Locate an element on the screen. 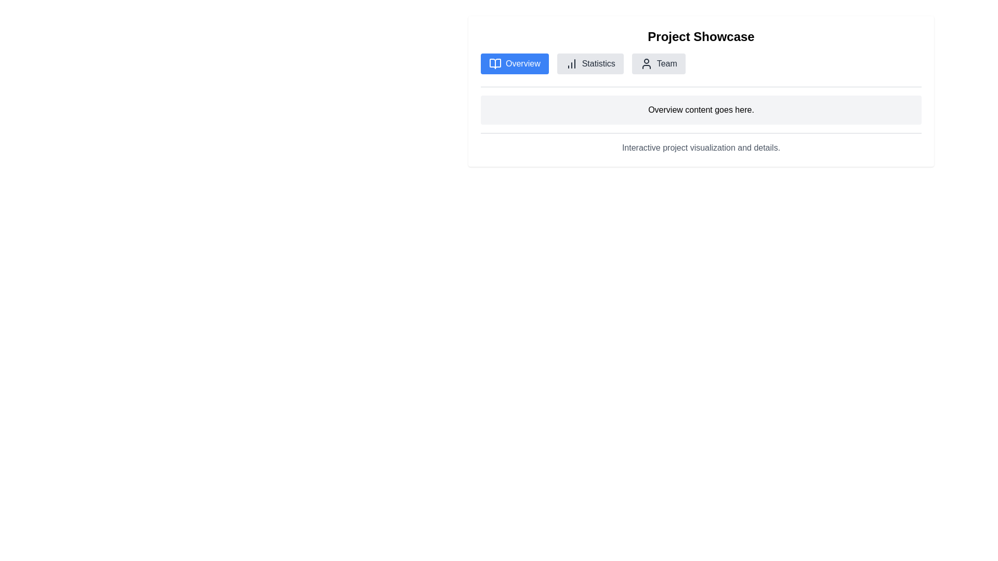  the supplementary information text element that describes the interactive project visualization, positioned below the 'Overview content goes here.' text and separated by a horizontal line is located at coordinates (701, 148).